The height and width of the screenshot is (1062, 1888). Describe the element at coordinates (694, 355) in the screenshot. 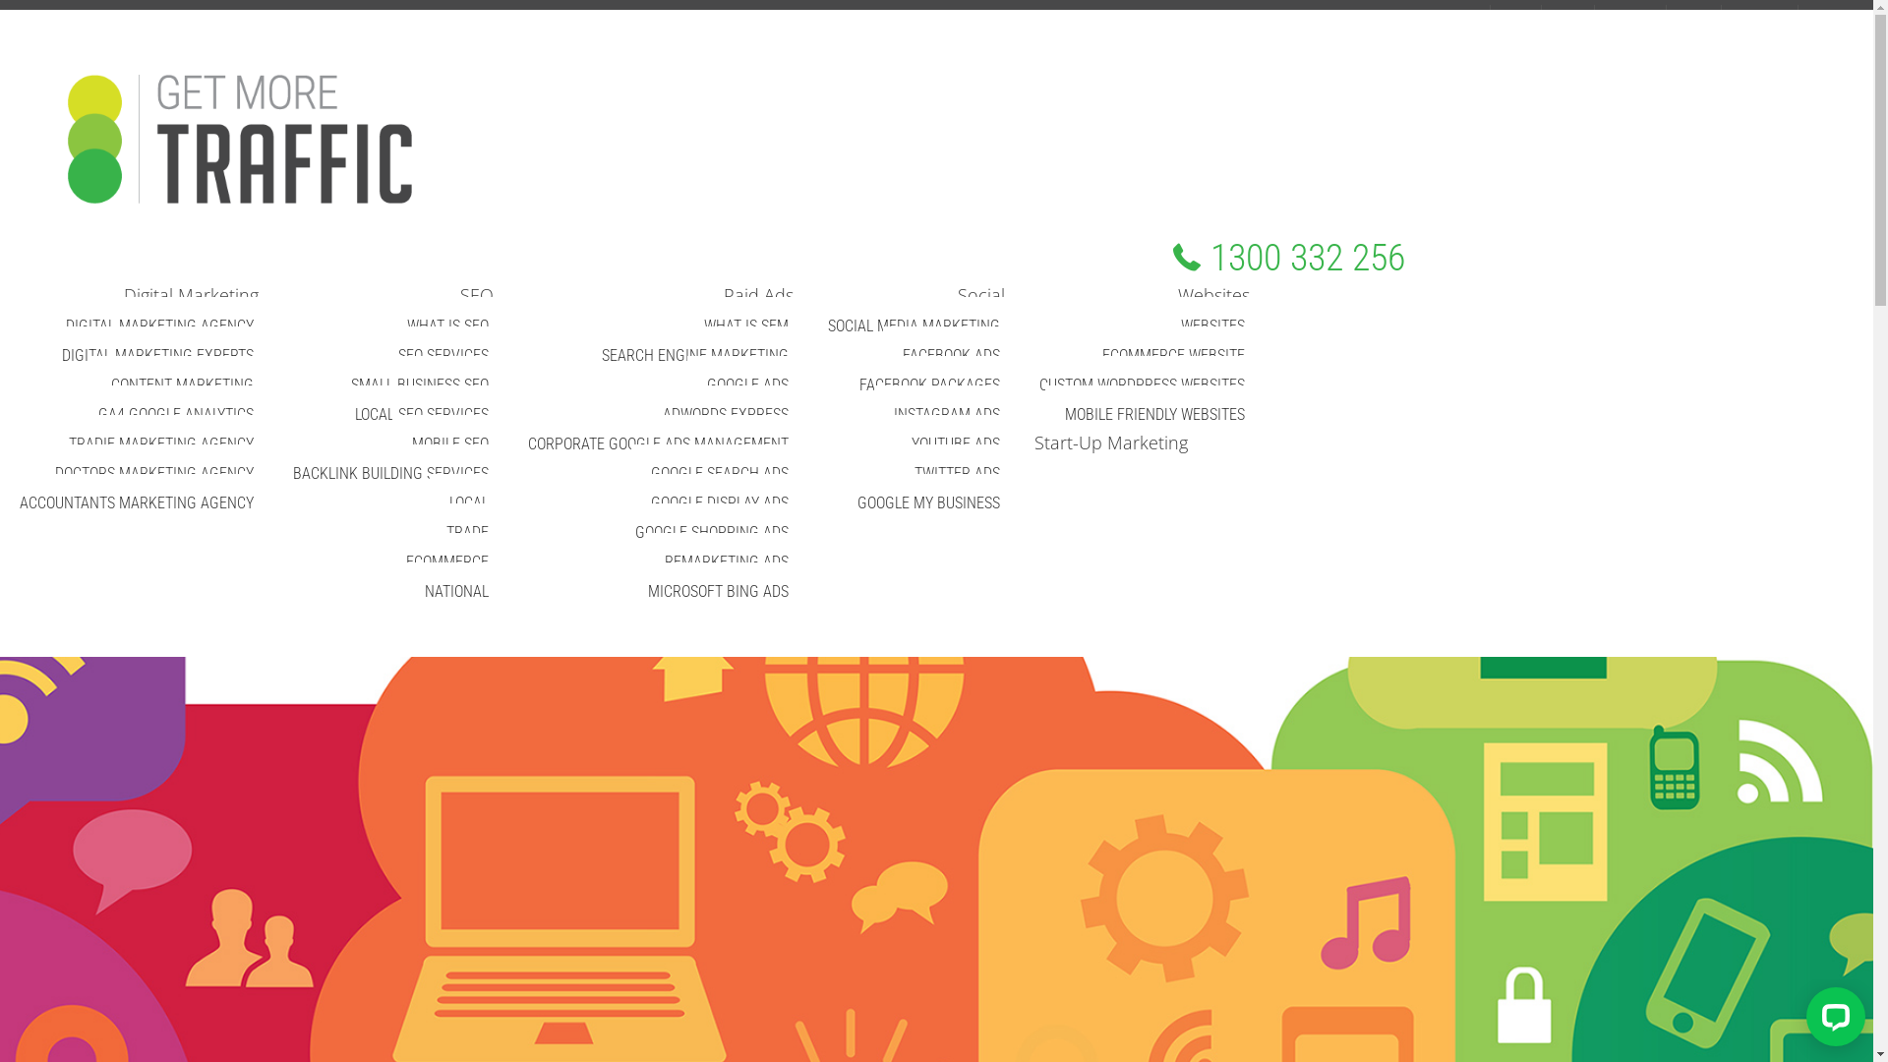

I see `'SEARCH ENGINE MARKETING'` at that location.